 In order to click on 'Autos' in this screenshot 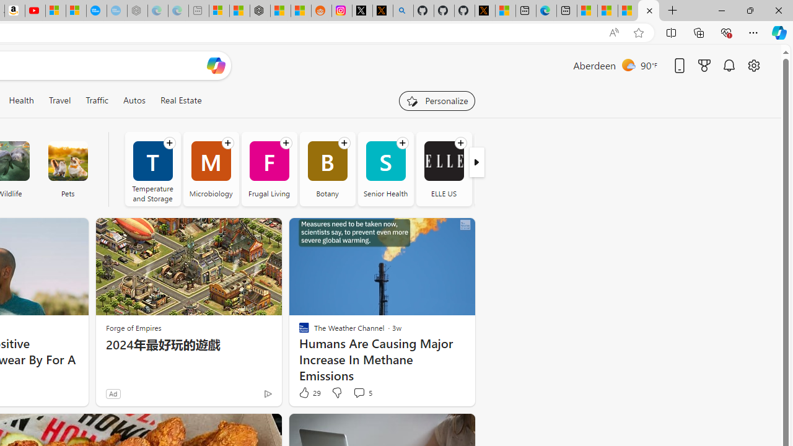, I will do `click(134, 100)`.